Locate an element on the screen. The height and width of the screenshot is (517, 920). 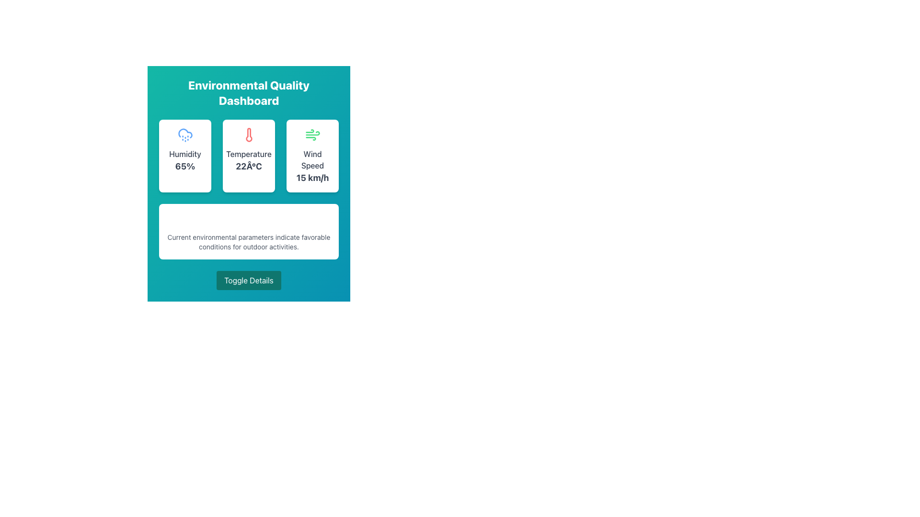
Text Header located at the top section of the dashboard to identify the purpose of the interface, which relates to environmental quality is located at coordinates (249, 92).